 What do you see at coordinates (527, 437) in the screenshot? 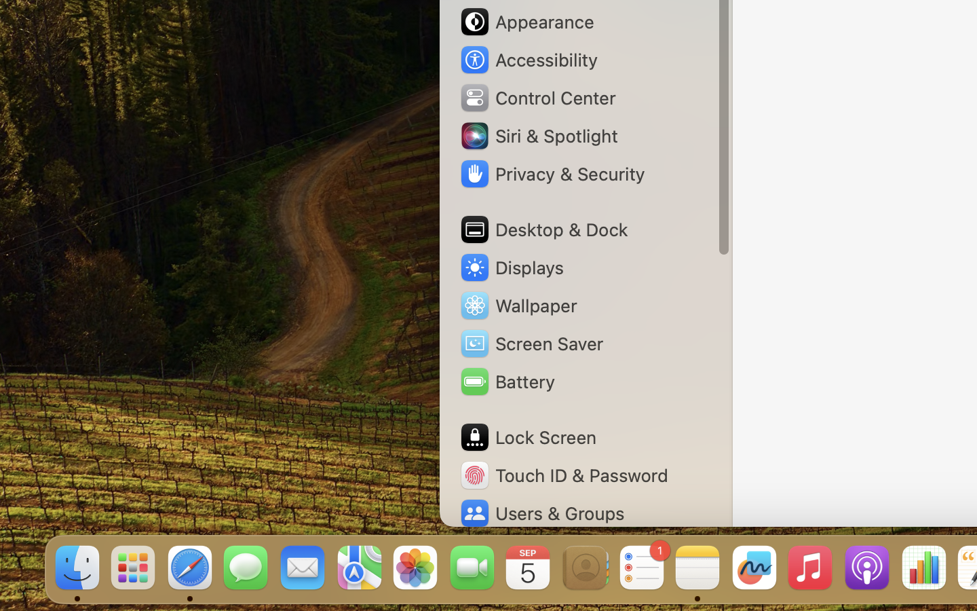
I see `'Lock Screen'` at bounding box center [527, 437].